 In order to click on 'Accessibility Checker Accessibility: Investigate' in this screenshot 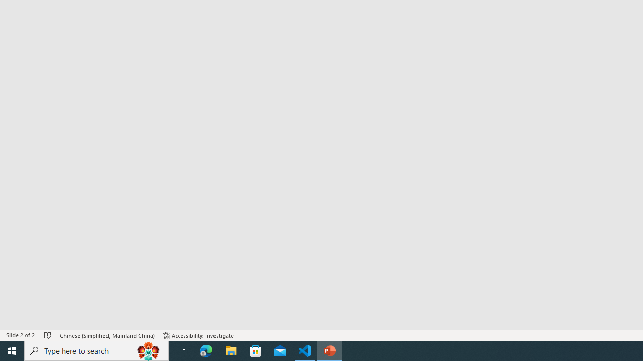, I will do `click(198, 335)`.